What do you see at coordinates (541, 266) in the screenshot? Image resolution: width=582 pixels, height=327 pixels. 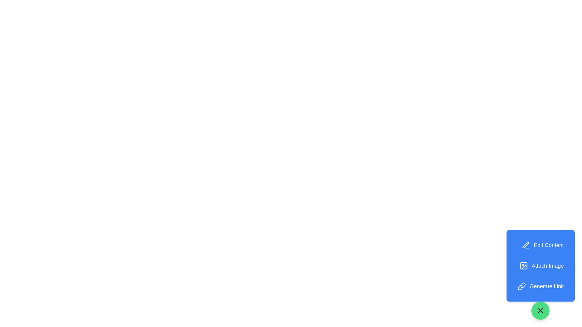 I see `the 'Attach Image' button` at bounding box center [541, 266].